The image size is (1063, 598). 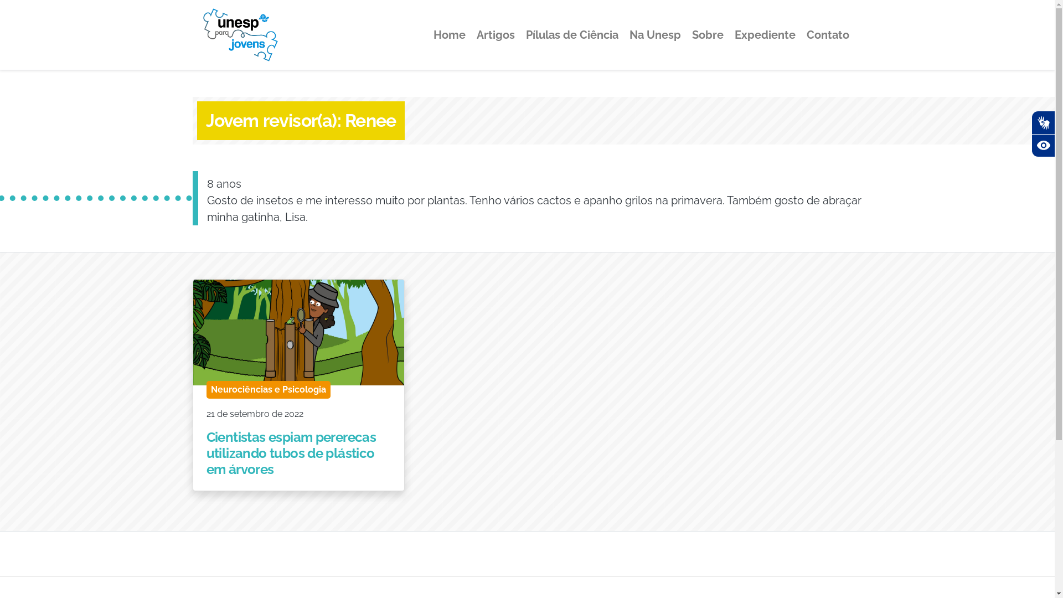 What do you see at coordinates (730, 34) in the screenshot?
I see `'Expediente'` at bounding box center [730, 34].